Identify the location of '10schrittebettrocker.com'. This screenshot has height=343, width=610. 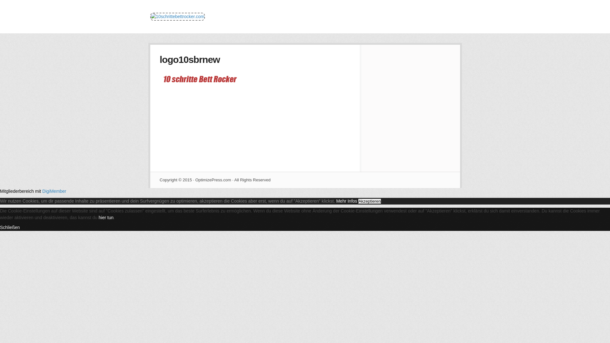
(177, 16).